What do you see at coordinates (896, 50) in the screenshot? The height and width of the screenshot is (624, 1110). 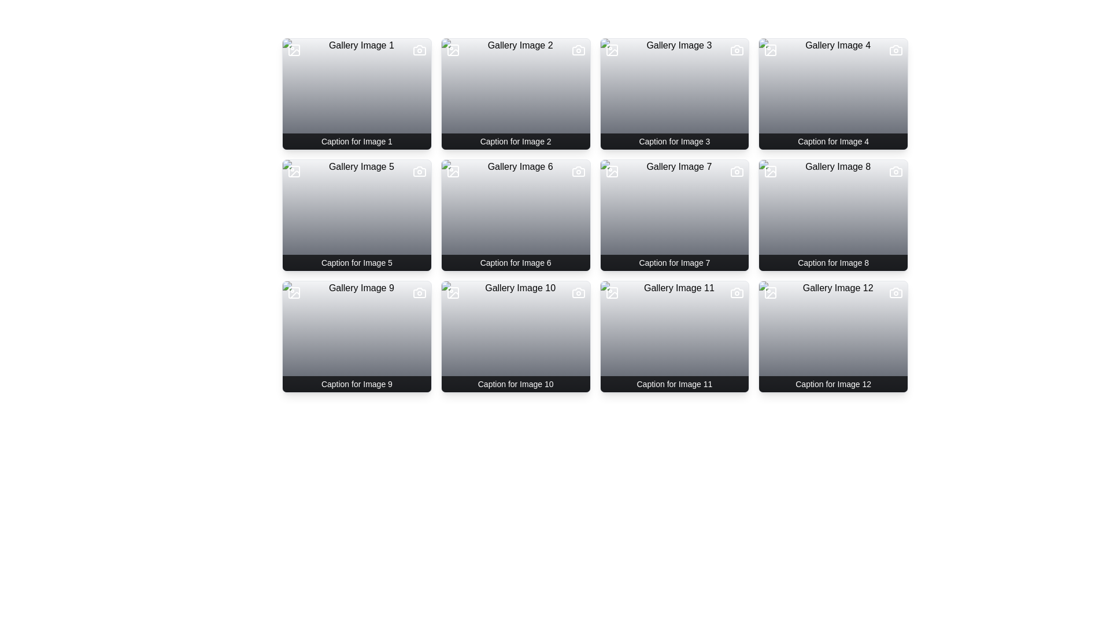 I see `the camera icon in the top-right corner of the 'Gallery Image 4' card` at bounding box center [896, 50].